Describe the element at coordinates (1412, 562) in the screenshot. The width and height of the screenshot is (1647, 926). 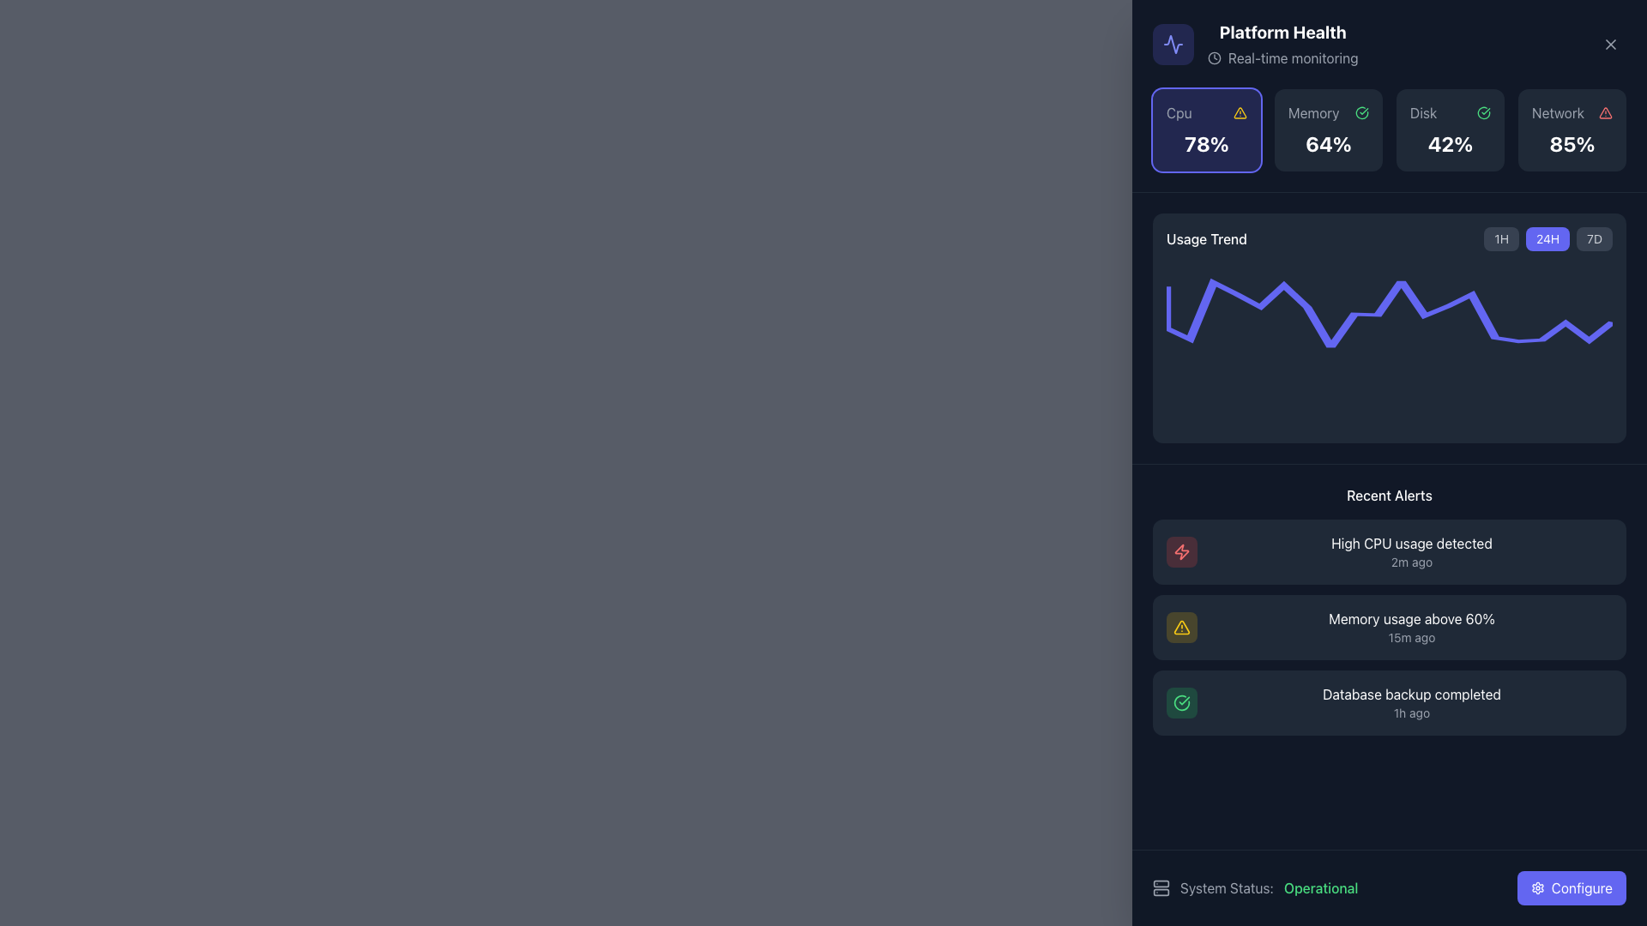
I see `the timestamp text label that indicates the time elapsed since the associated alert was generated, located below the 'High CPU usage detected' text in the 'Recent Alerts' section` at that location.